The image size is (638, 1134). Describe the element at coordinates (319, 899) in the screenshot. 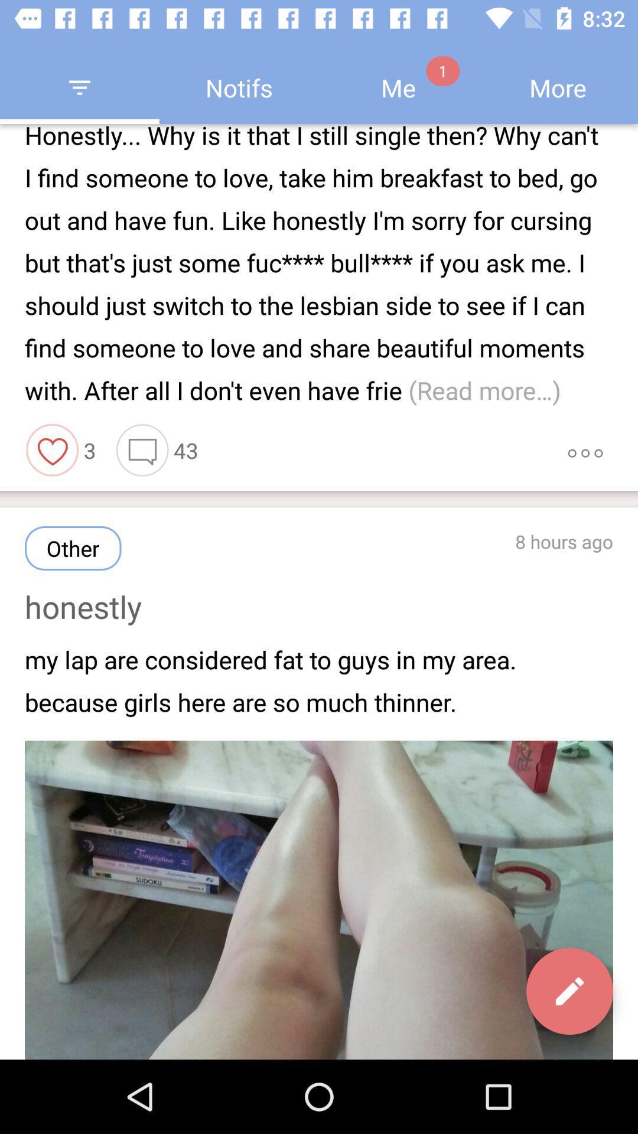

I see `the image of leg` at that location.